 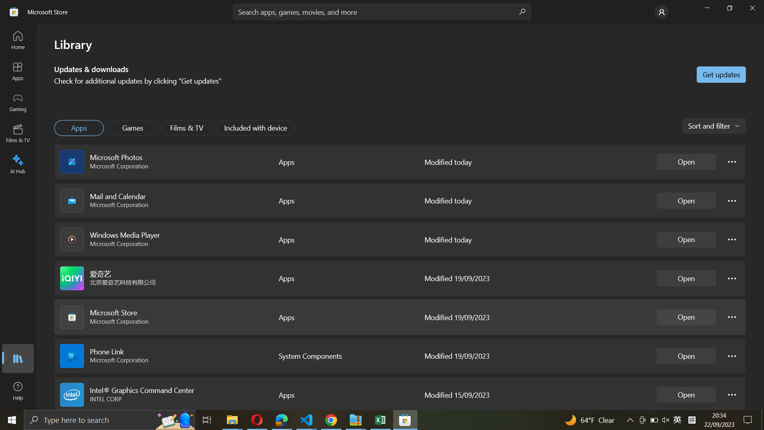 What do you see at coordinates (732, 355) in the screenshot?
I see `Phone link options` at bounding box center [732, 355].